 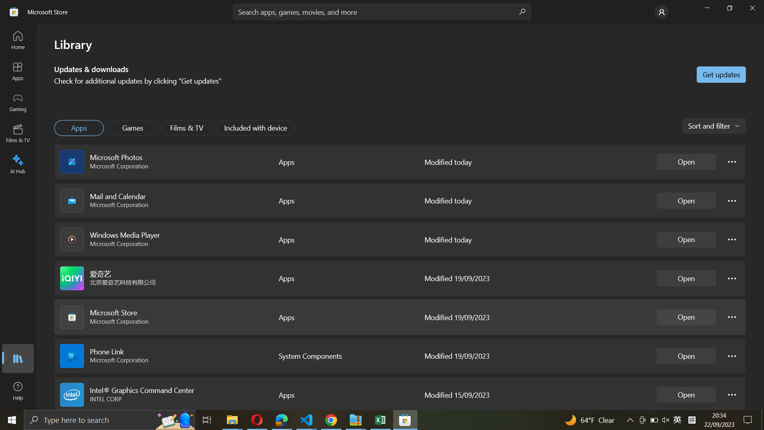 What do you see at coordinates (732, 355) in the screenshot?
I see `Phone link options` at bounding box center [732, 355].